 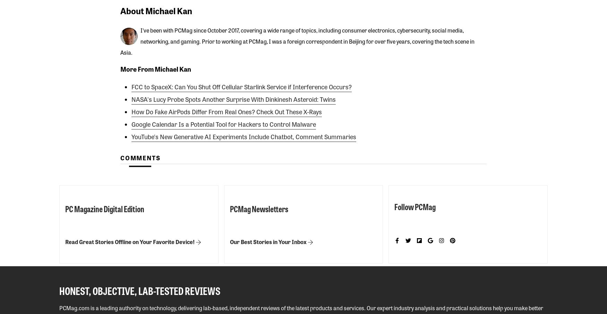 What do you see at coordinates (259, 208) in the screenshot?
I see `'PCMag Newsletters'` at bounding box center [259, 208].